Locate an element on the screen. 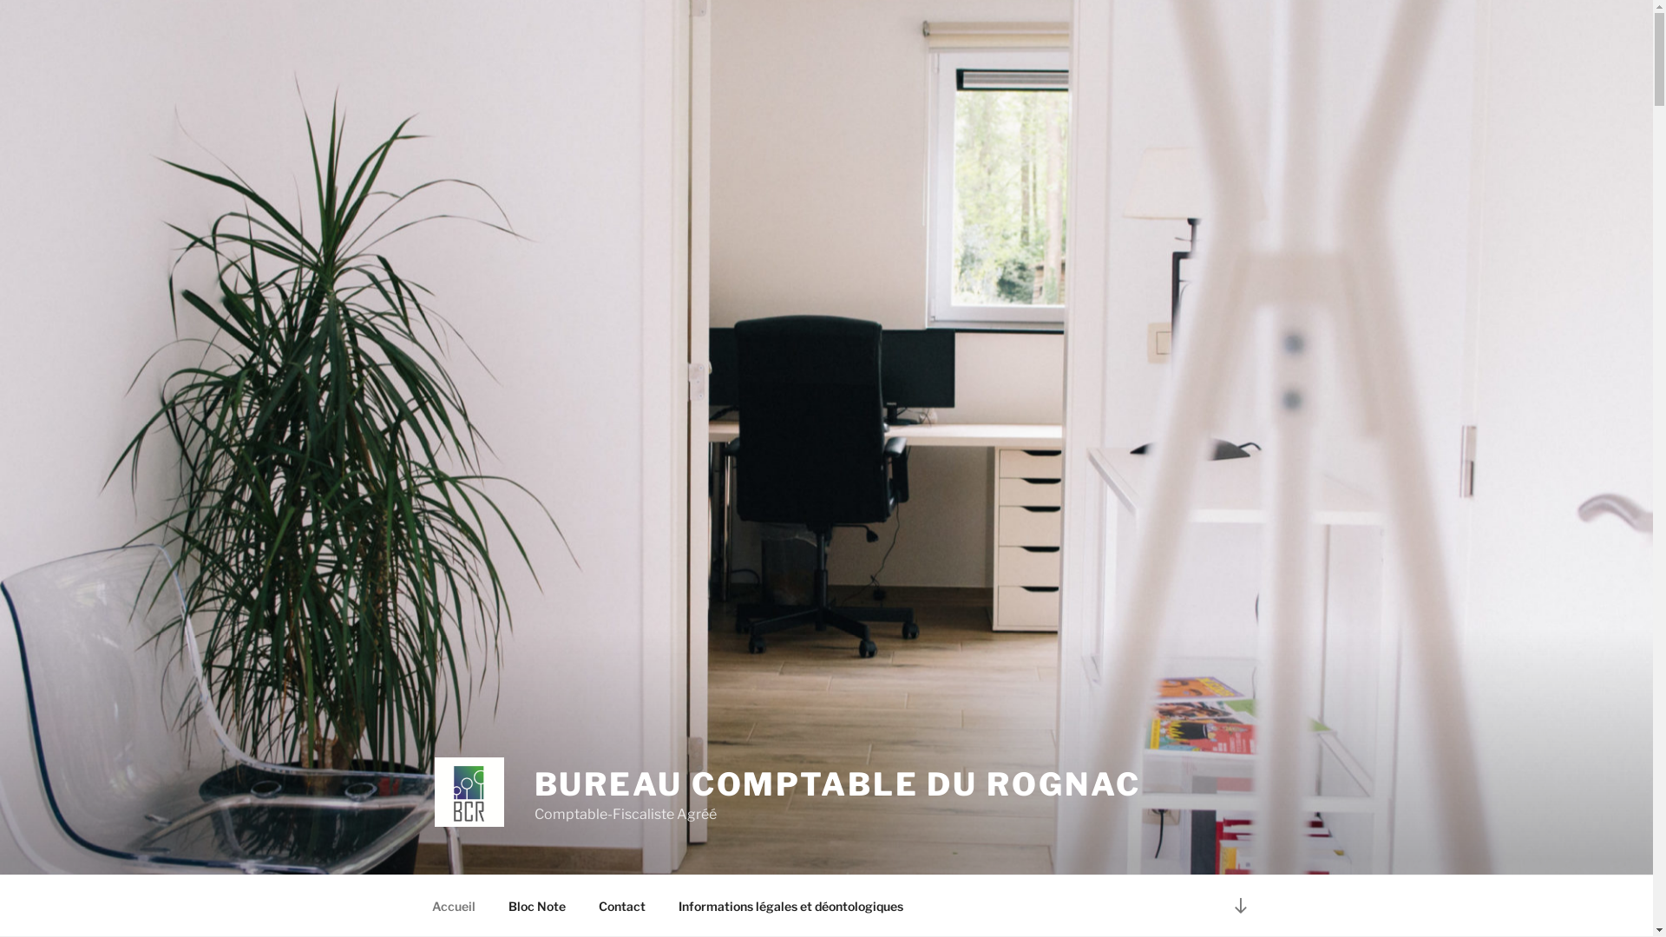 Image resolution: width=1666 pixels, height=937 pixels. 'Scroll down to content' is located at coordinates (1239, 904).